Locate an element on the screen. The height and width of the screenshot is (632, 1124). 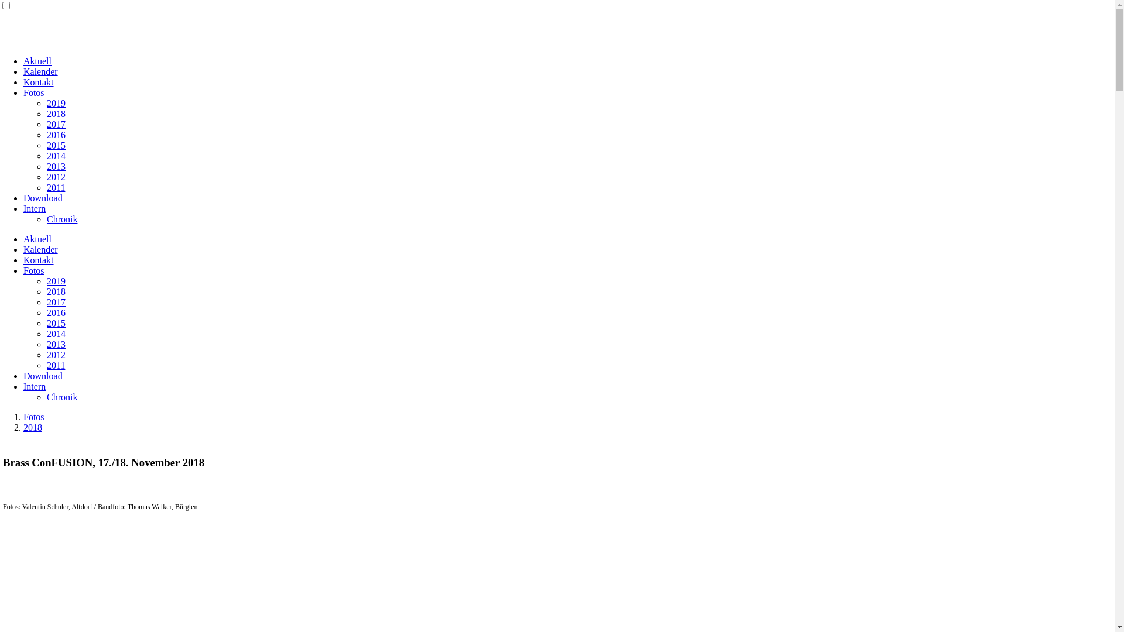
'2019' is located at coordinates (56, 281).